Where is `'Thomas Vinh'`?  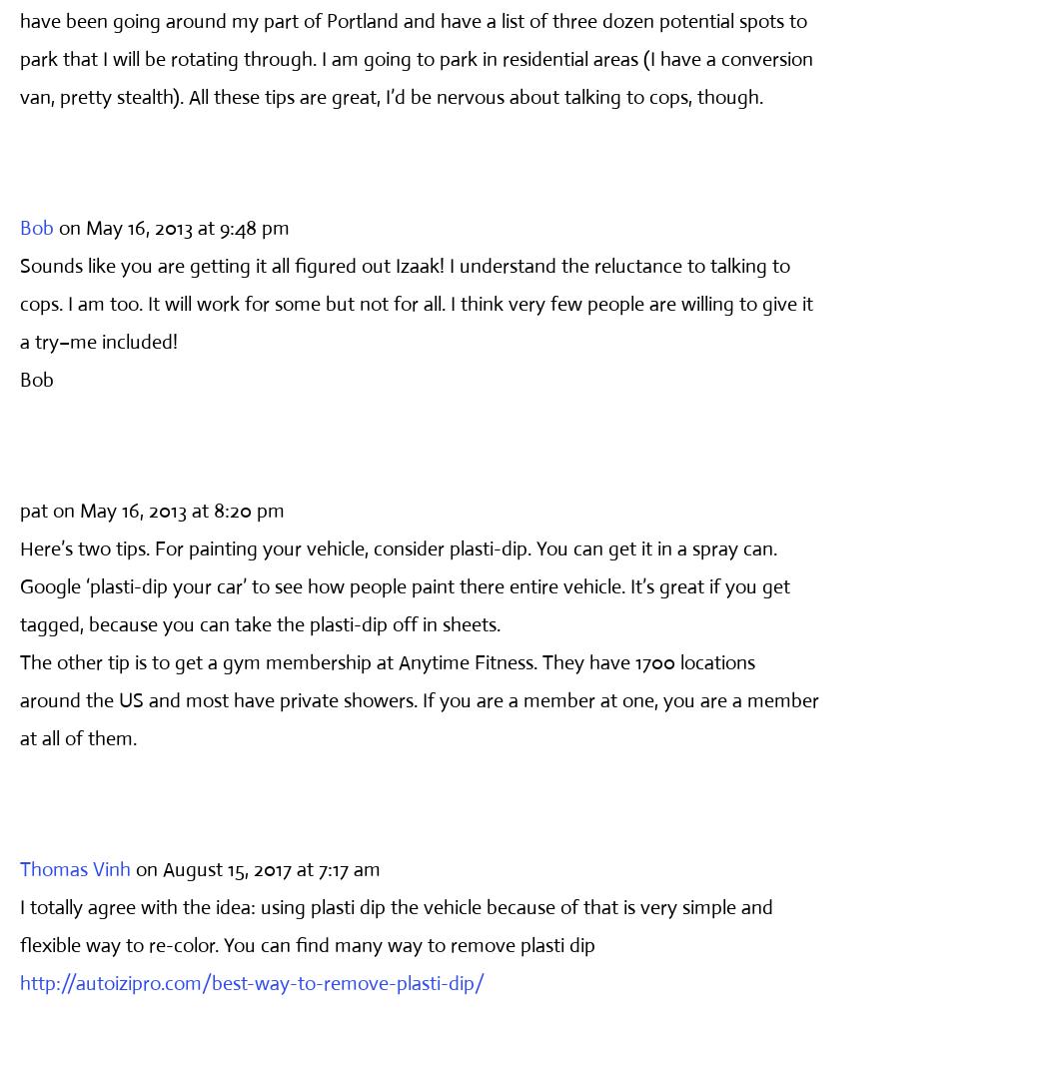 'Thomas Vinh' is located at coordinates (75, 867).